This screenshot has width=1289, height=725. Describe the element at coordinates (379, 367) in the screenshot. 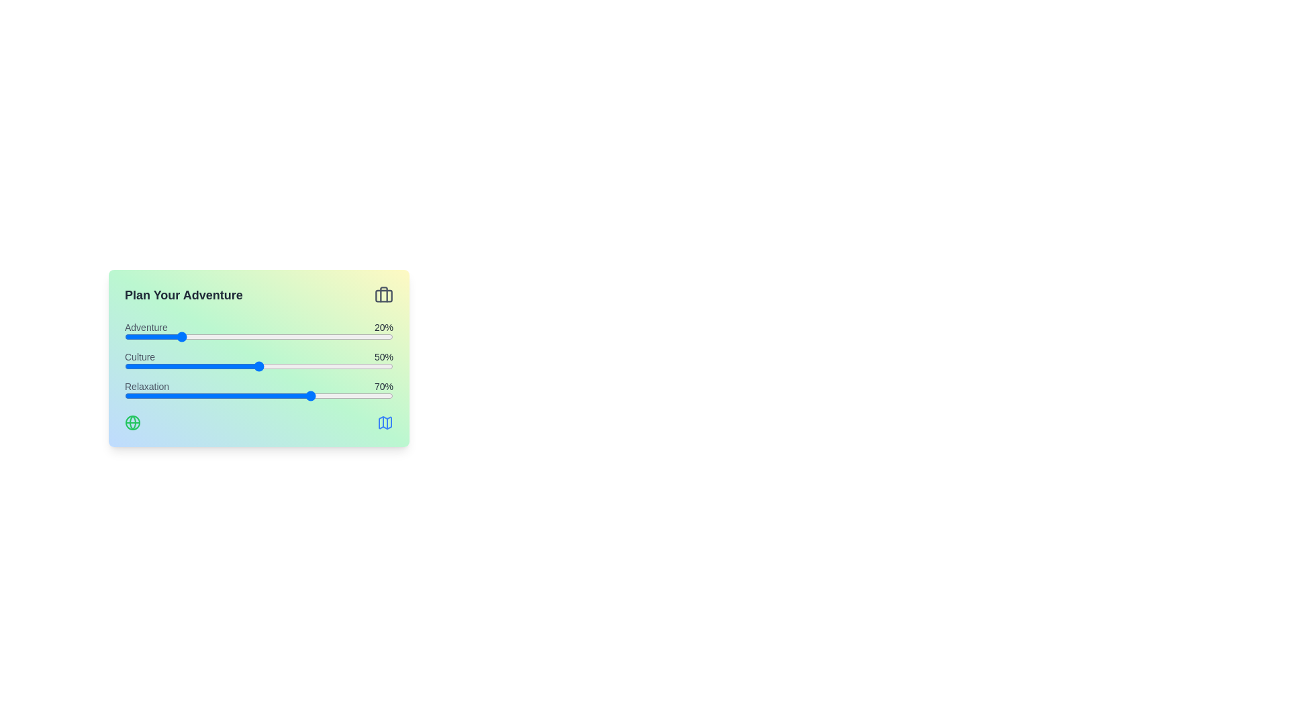

I see `the 'Culture' slider to 95%` at that location.